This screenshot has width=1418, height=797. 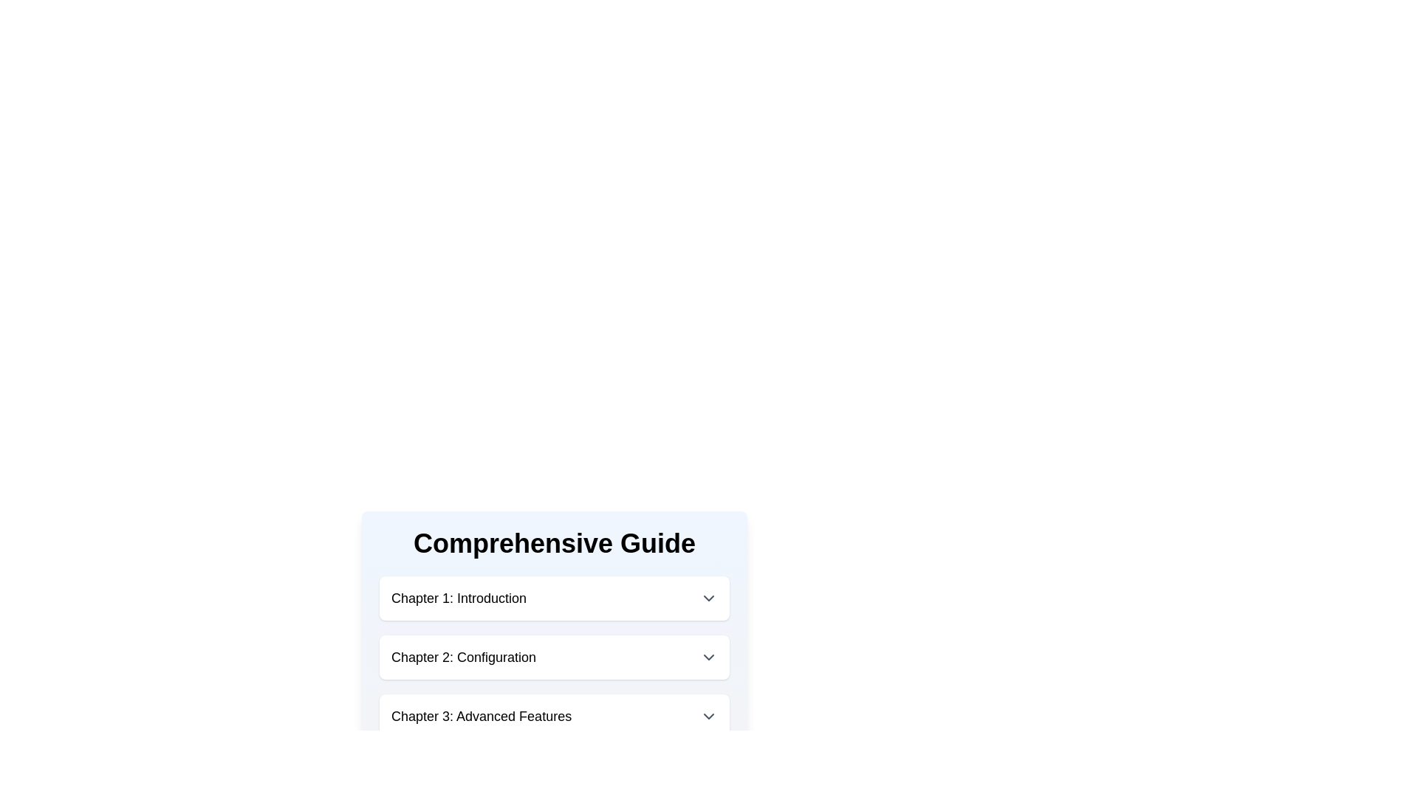 What do you see at coordinates (553, 657) in the screenshot?
I see `the dropdown button for 'Chapter 2: Configuration'` at bounding box center [553, 657].